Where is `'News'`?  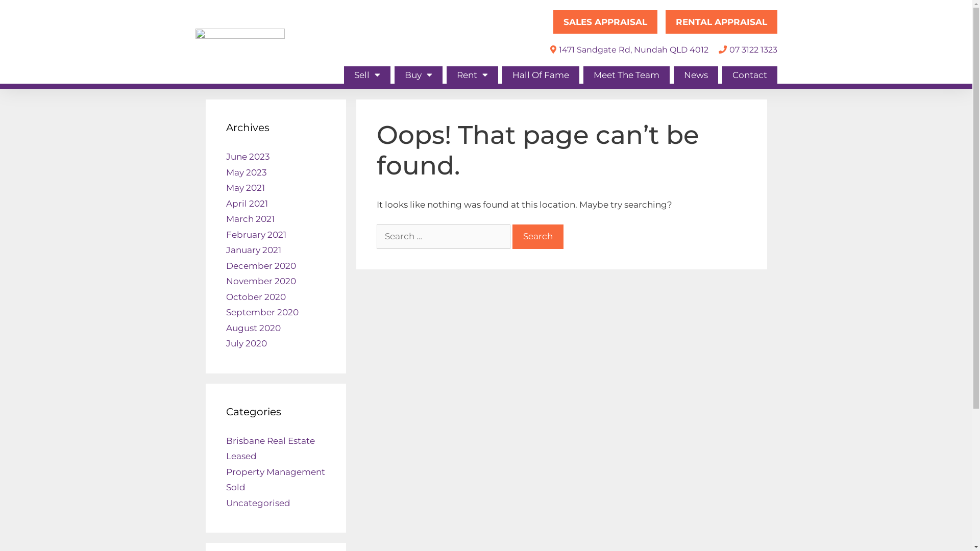 'News' is located at coordinates (695, 74).